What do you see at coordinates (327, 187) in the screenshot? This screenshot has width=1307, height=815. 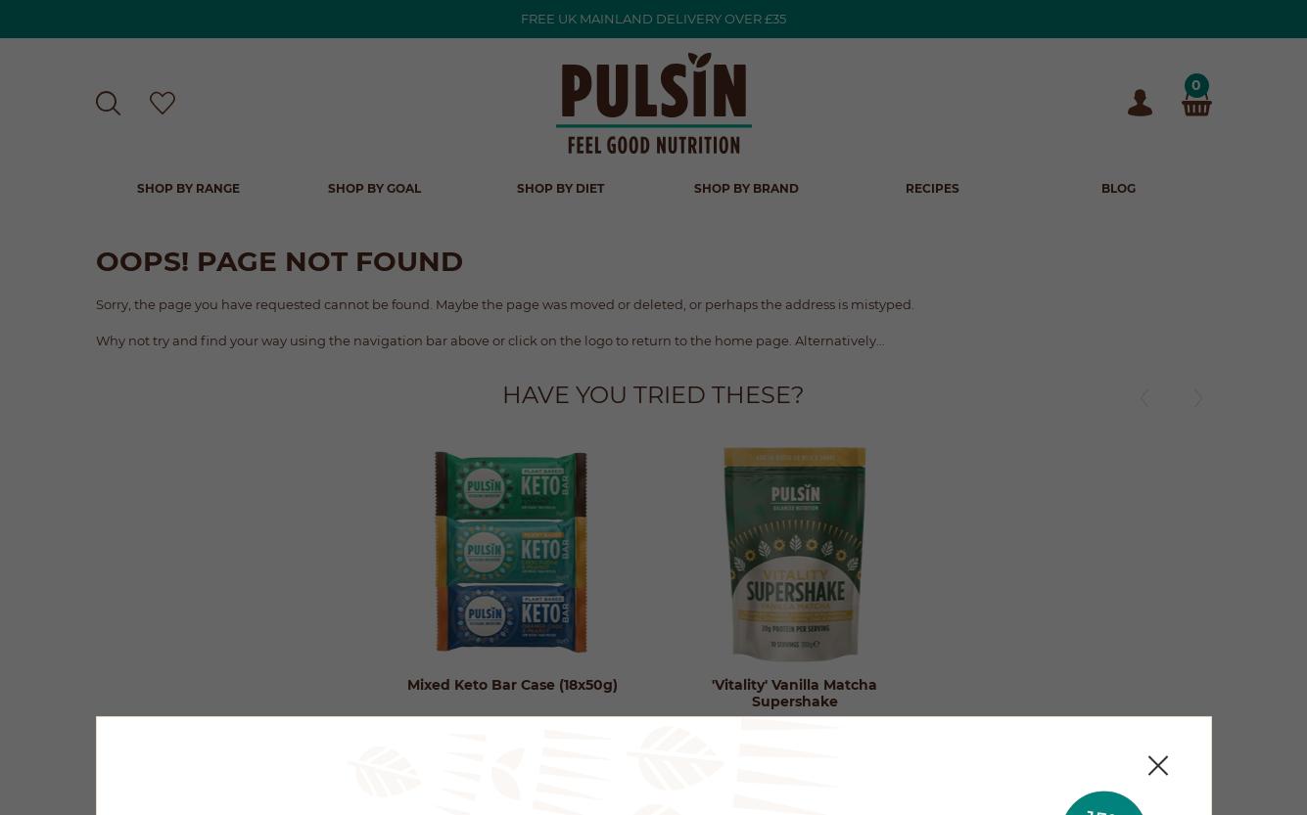 I see `'Shop by Goal'` at bounding box center [327, 187].